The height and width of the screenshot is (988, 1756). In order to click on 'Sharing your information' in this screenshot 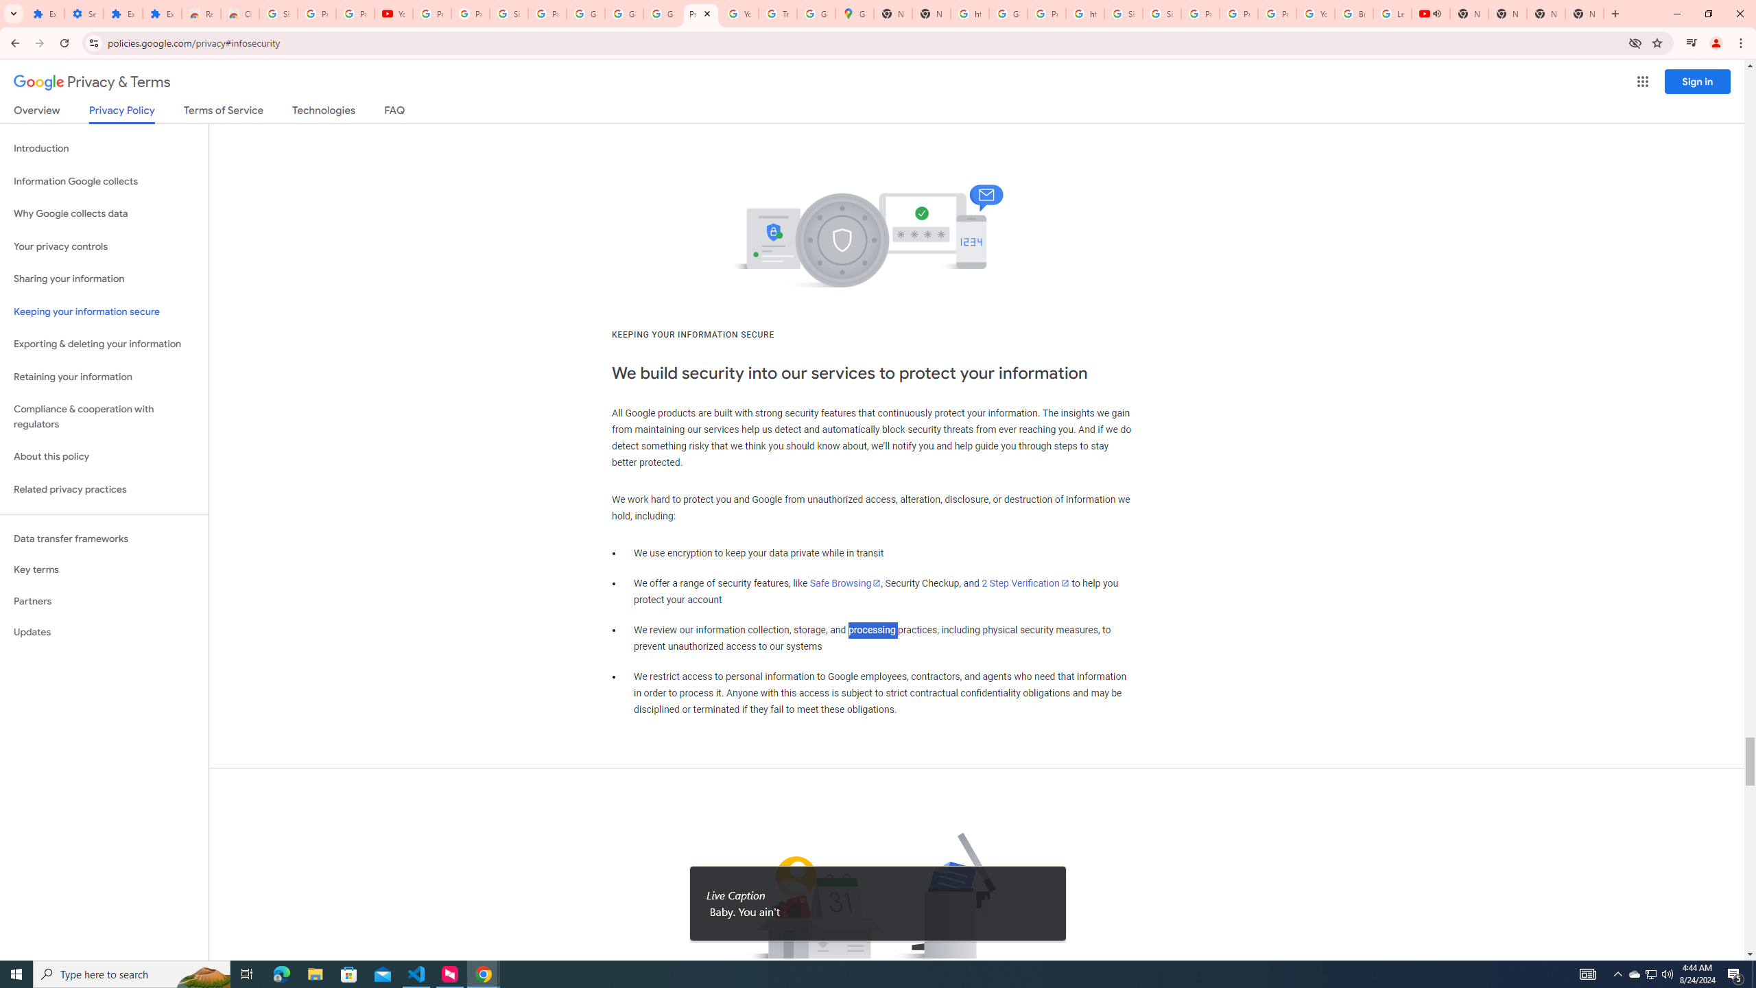, I will do `click(104, 278)`.